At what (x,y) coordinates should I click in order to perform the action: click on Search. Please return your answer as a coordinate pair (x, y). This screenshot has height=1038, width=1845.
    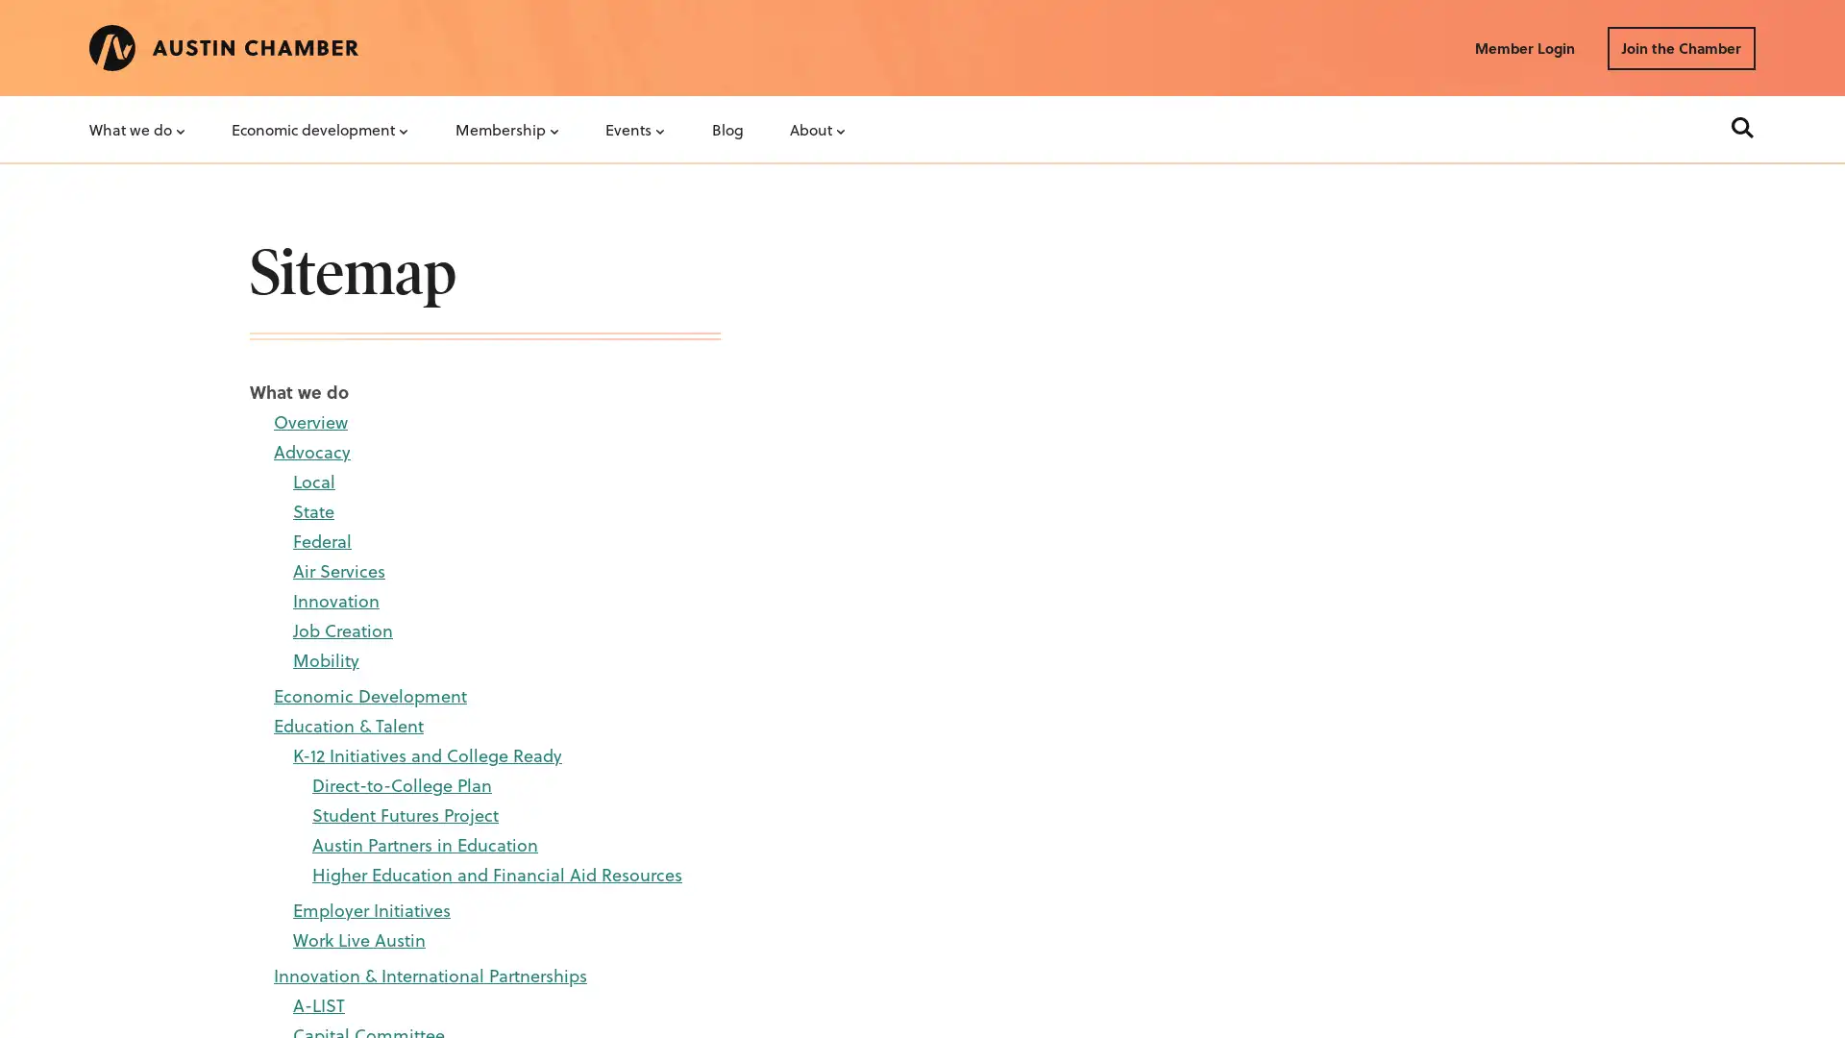
    Looking at the image, I should click on (1742, 129).